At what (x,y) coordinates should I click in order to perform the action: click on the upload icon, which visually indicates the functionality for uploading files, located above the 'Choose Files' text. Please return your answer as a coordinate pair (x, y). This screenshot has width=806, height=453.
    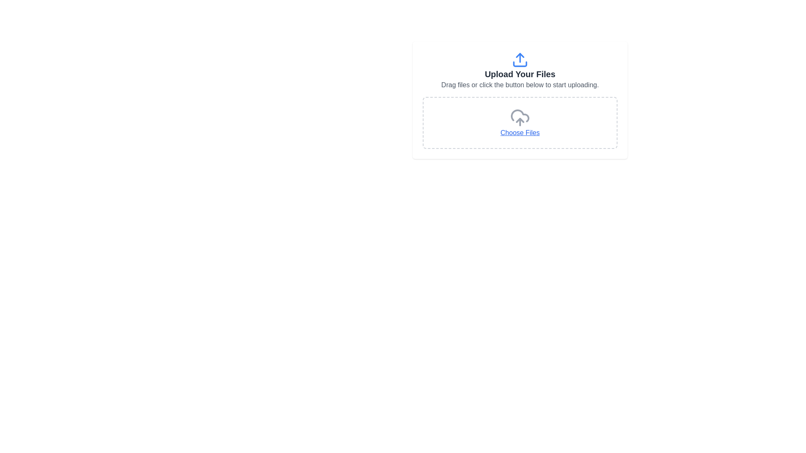
    Looking at the image, I should click on (519, 118).